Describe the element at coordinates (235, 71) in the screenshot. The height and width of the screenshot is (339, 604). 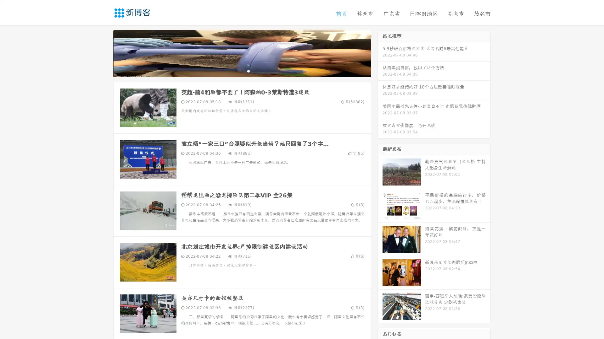
I see `Go to slide 1` at that location.